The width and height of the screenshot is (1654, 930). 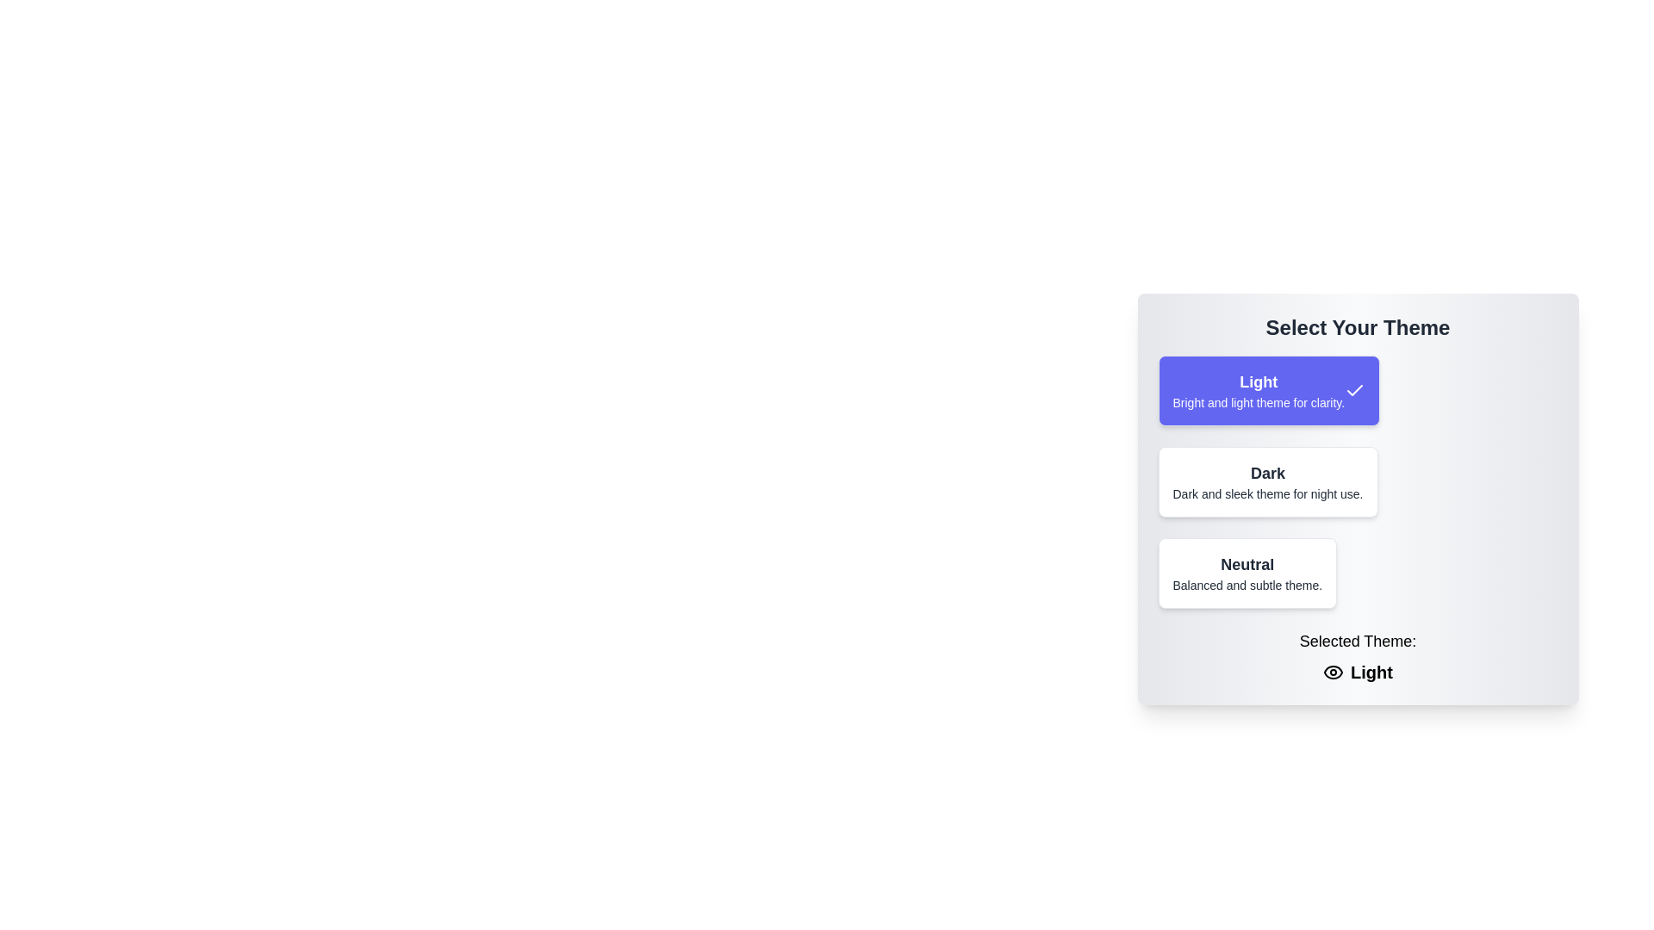 I want to click on the text element indicating the title of the theme 'Dark' in the theme selection component, which is located inside the second option of the theme selector buttons, so click(x=1268, y=474).